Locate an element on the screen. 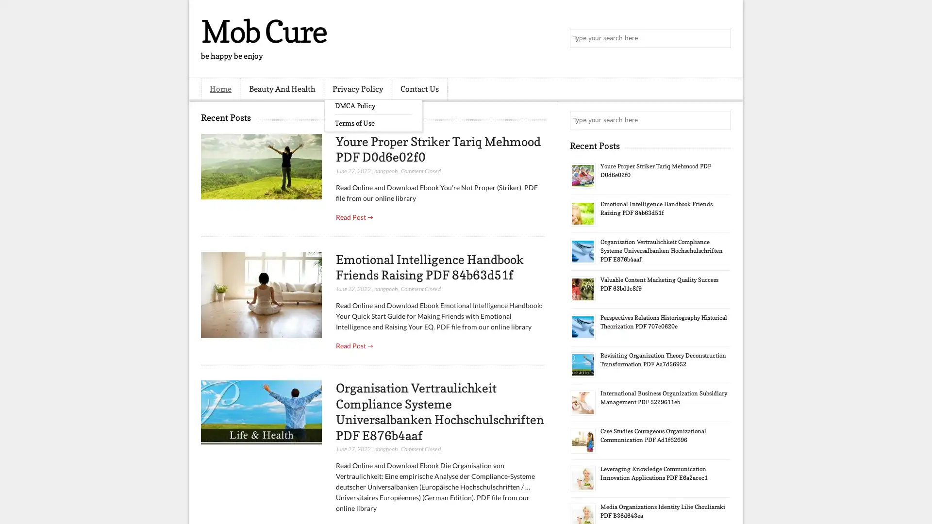 This screenshot has height=524, width=932. Search is located at coordinates (721, 39).